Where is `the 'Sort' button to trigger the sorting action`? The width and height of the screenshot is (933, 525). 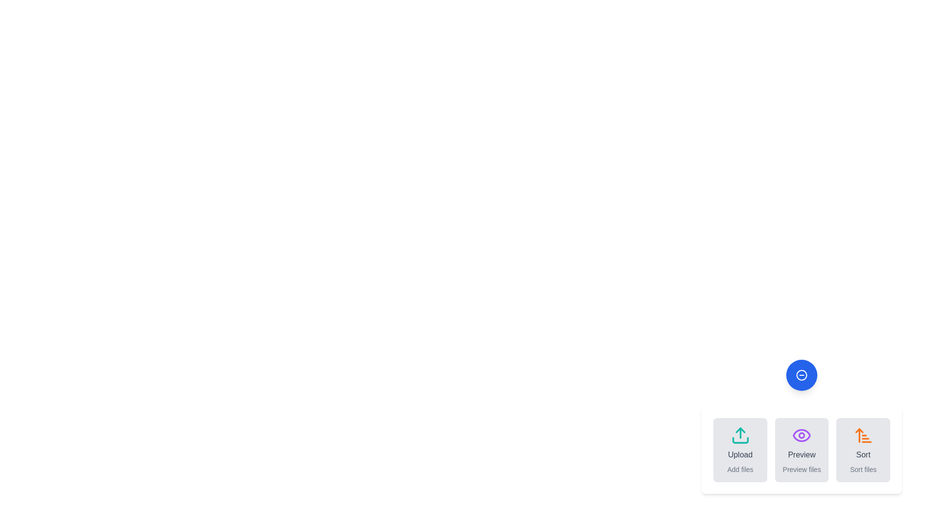
the 'Sort' button to trigger the sorting action is located at coordinates (863, 450).